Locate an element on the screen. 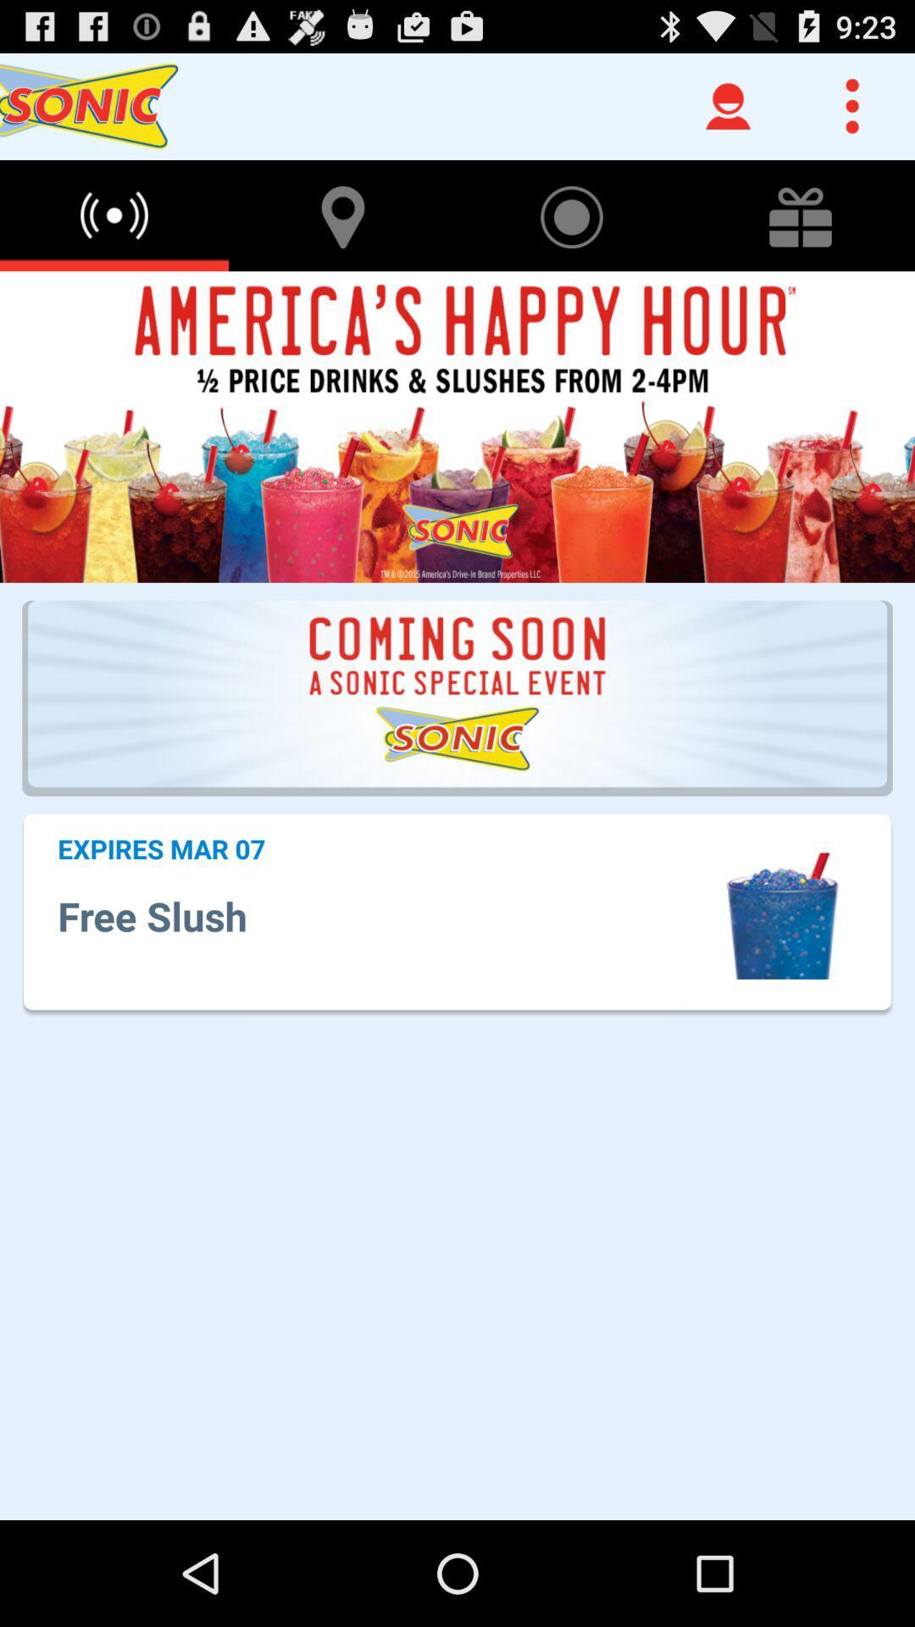 The image size is (915, 1627). the gift icon is located at coordinates (801, 230).